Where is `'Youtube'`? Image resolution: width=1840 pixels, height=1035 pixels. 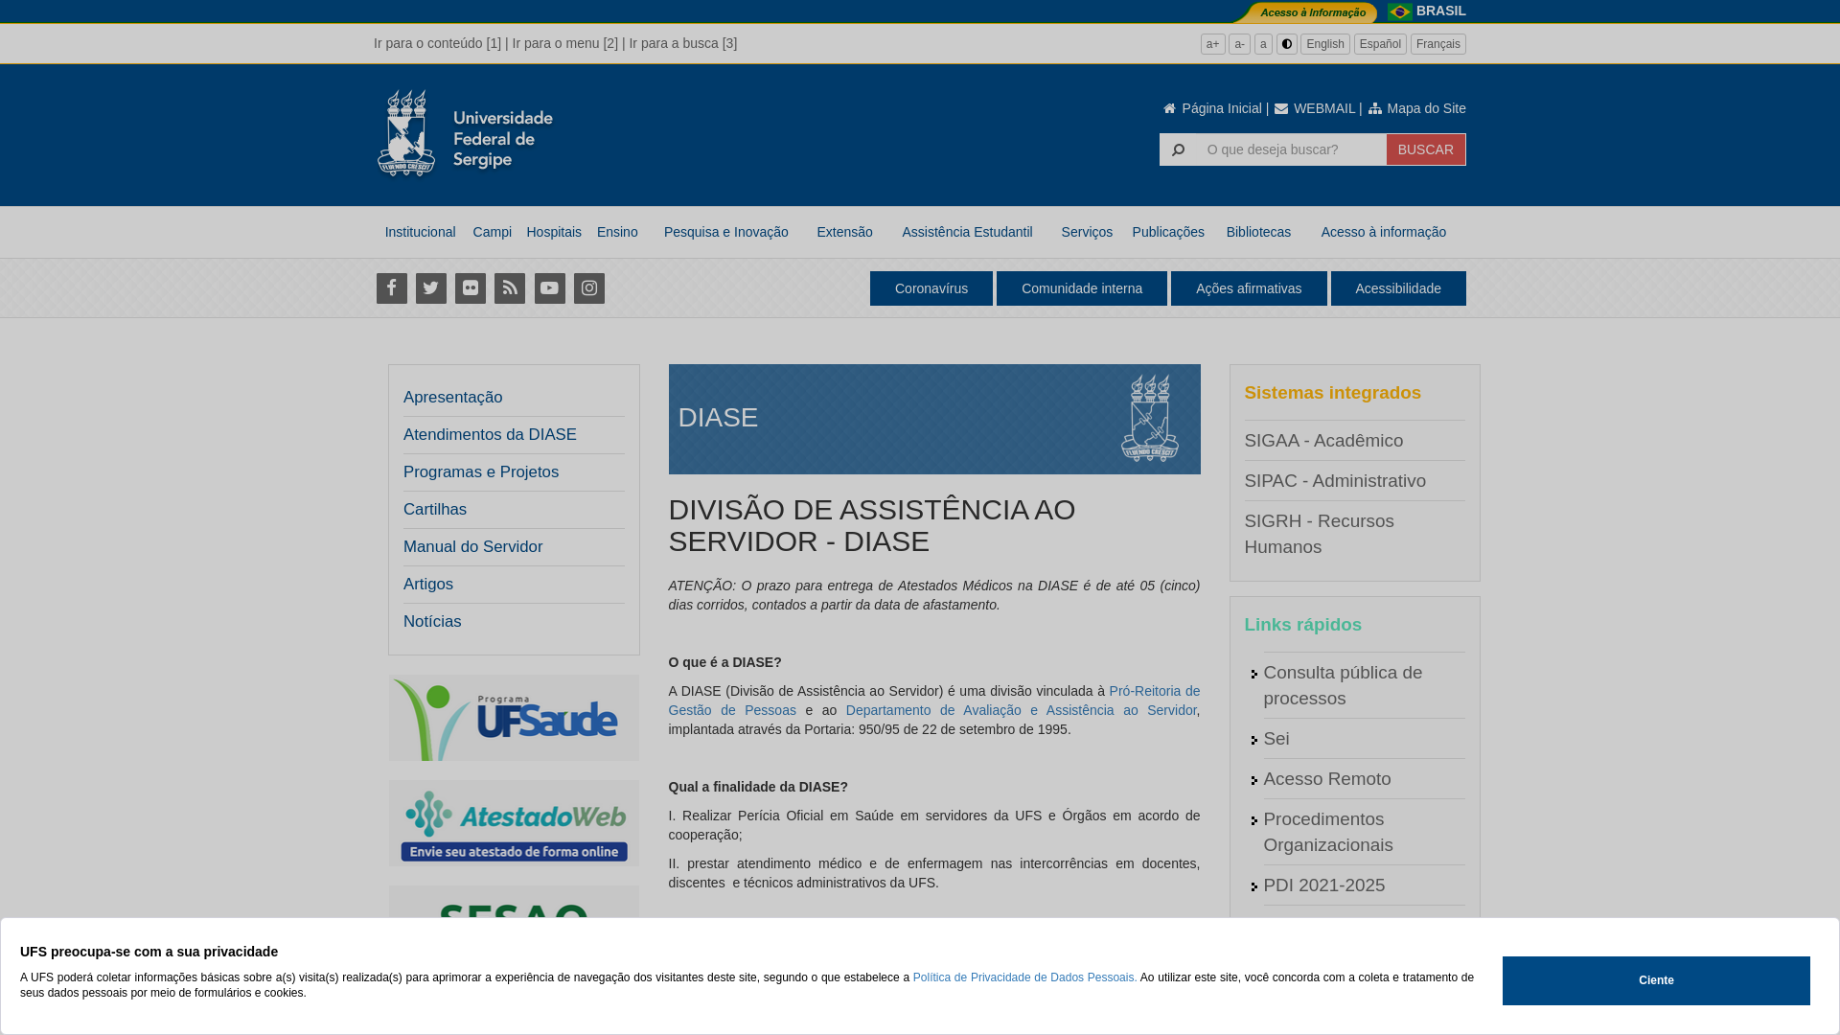
'Youtube' is located at coordinates (548, 287).